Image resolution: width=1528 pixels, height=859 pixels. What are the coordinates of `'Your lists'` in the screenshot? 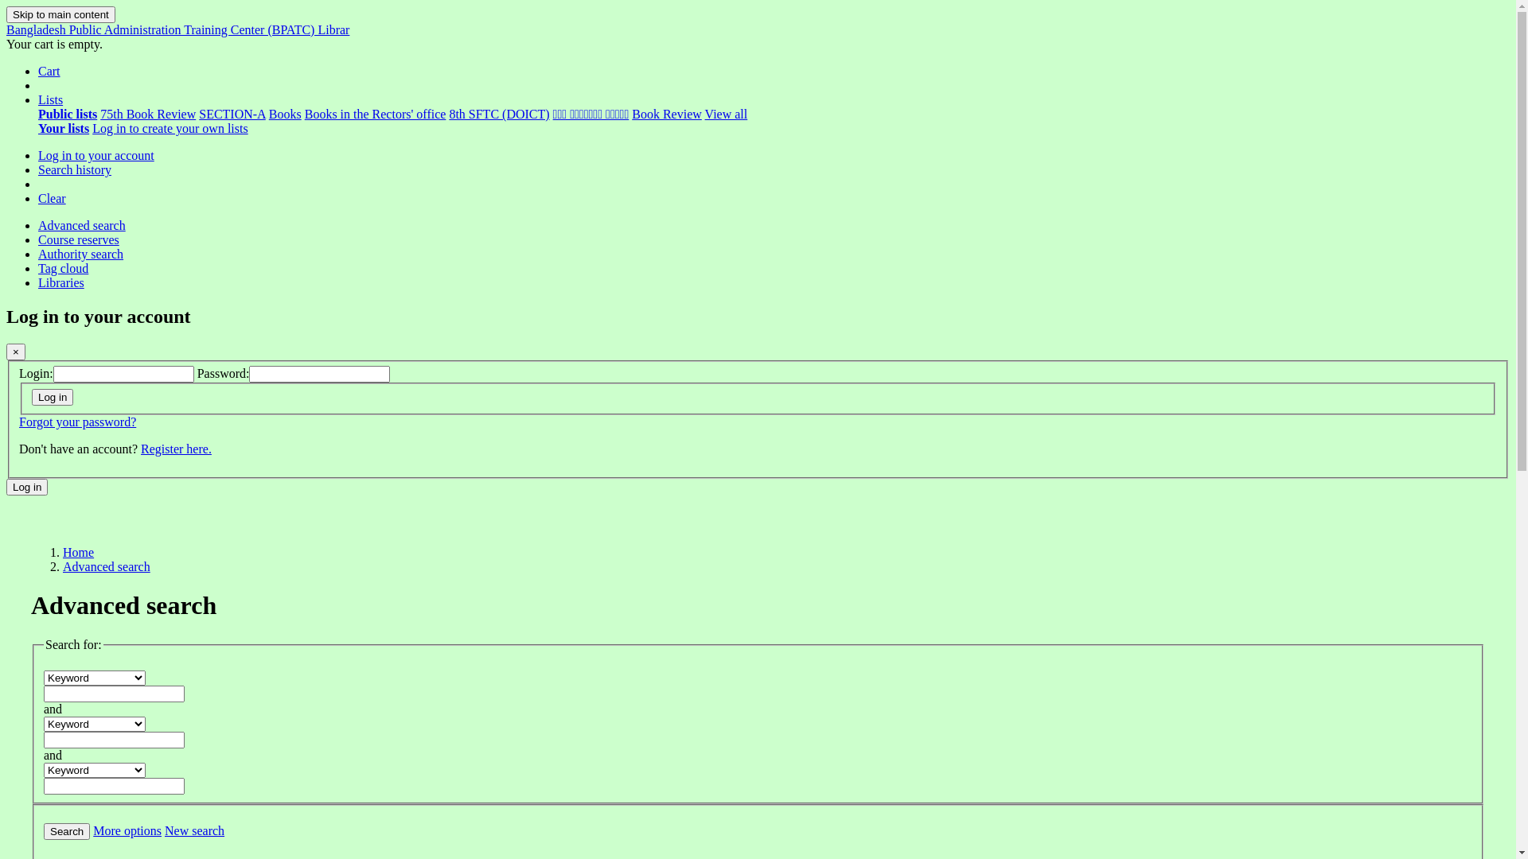 It's located at (38, 127).